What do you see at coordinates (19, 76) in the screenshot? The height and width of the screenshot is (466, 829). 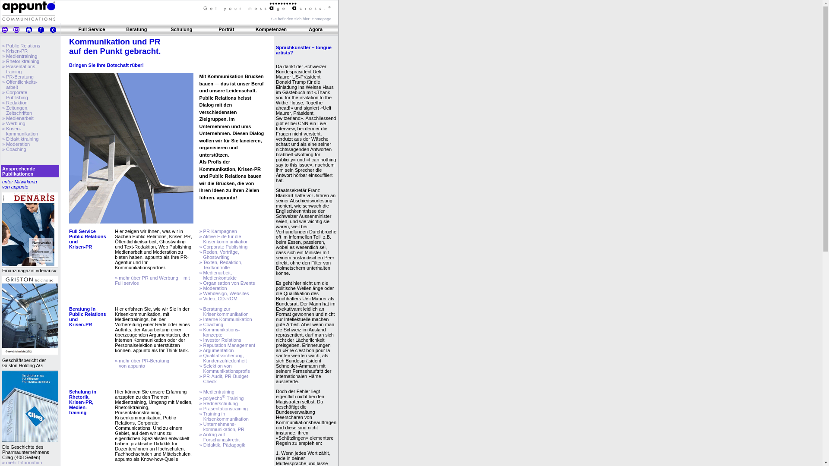 I see `' PR-Beratung'` at bounding box center [19, 76].